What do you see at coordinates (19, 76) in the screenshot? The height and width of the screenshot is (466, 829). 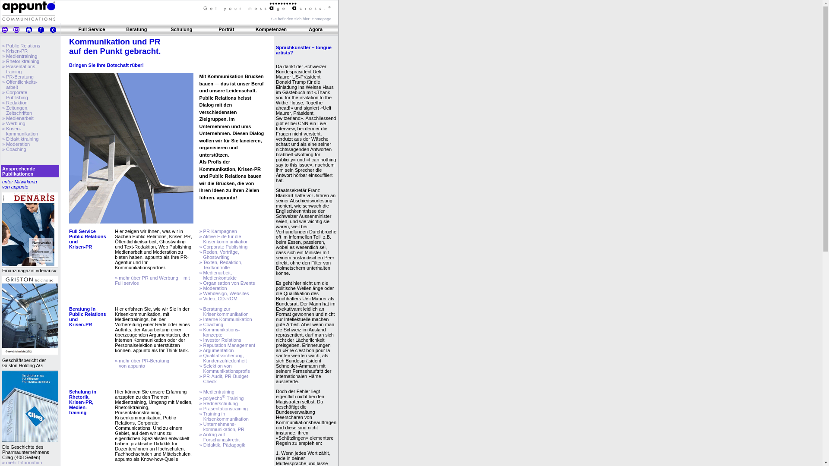 I see `' PR-Beratung'` at bounding box center [19, 76].